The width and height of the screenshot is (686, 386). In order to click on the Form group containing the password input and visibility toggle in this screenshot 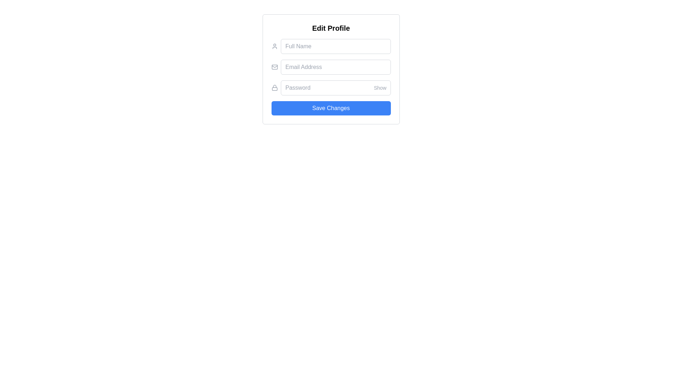, I will do `click(330, 88)`.